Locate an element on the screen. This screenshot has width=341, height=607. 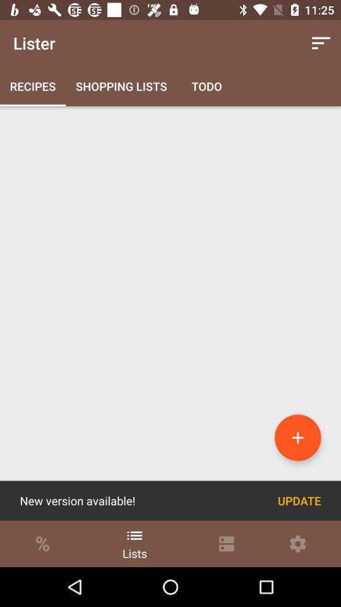
the icon at the top right corner is located at coordinates (321, 43).